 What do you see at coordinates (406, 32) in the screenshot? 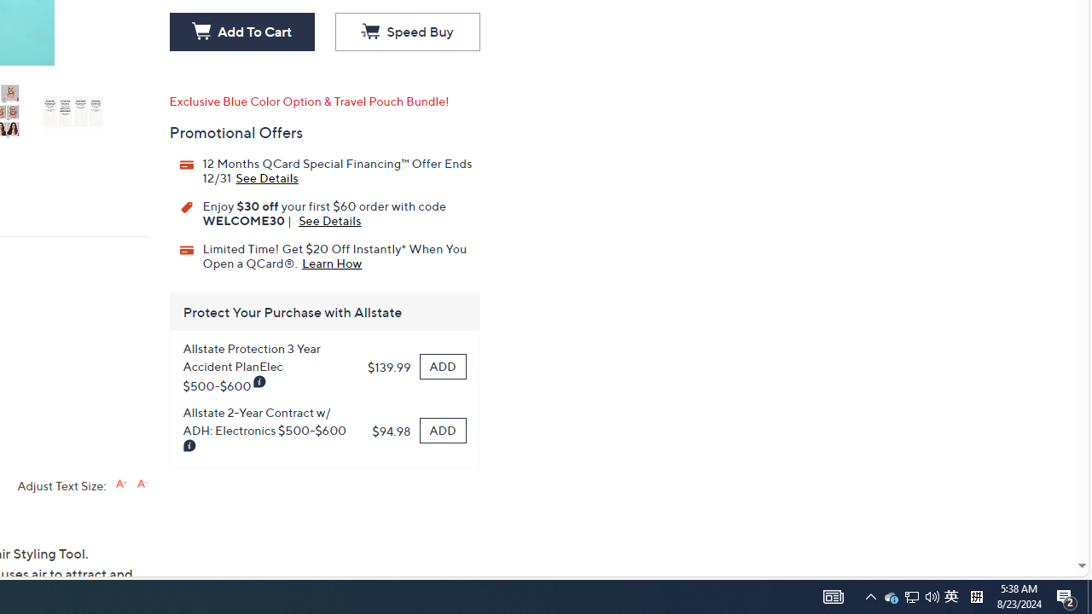
I see `'Speed Buy'` at bounding box center [406, 32].